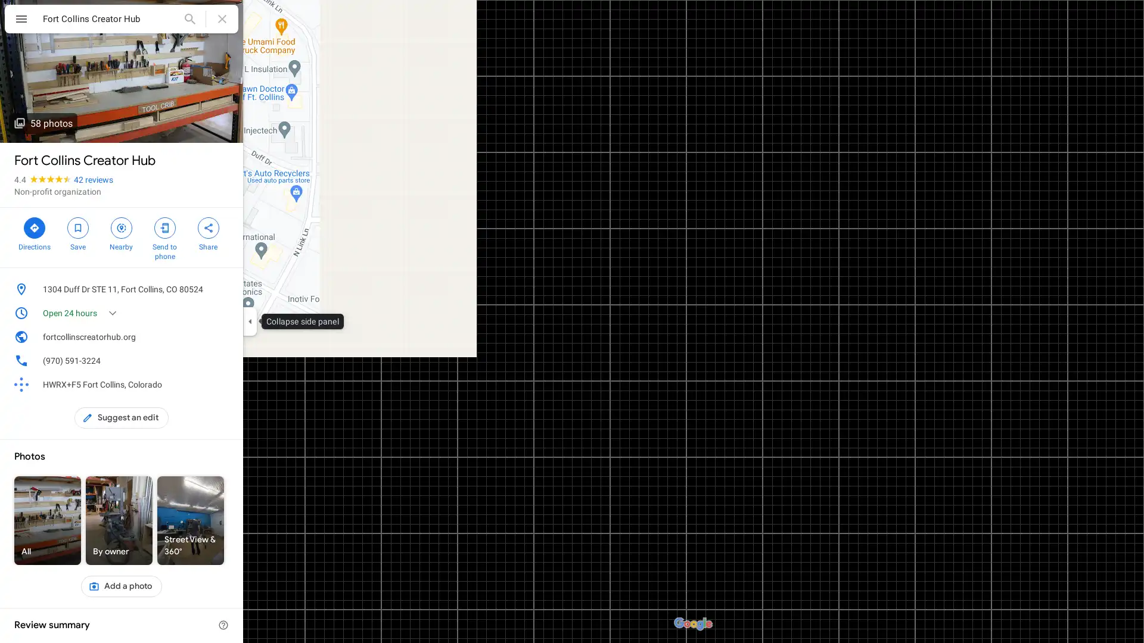 The image size is (1144, 643). I want to click on Non-profit organization, so click(57, 191).